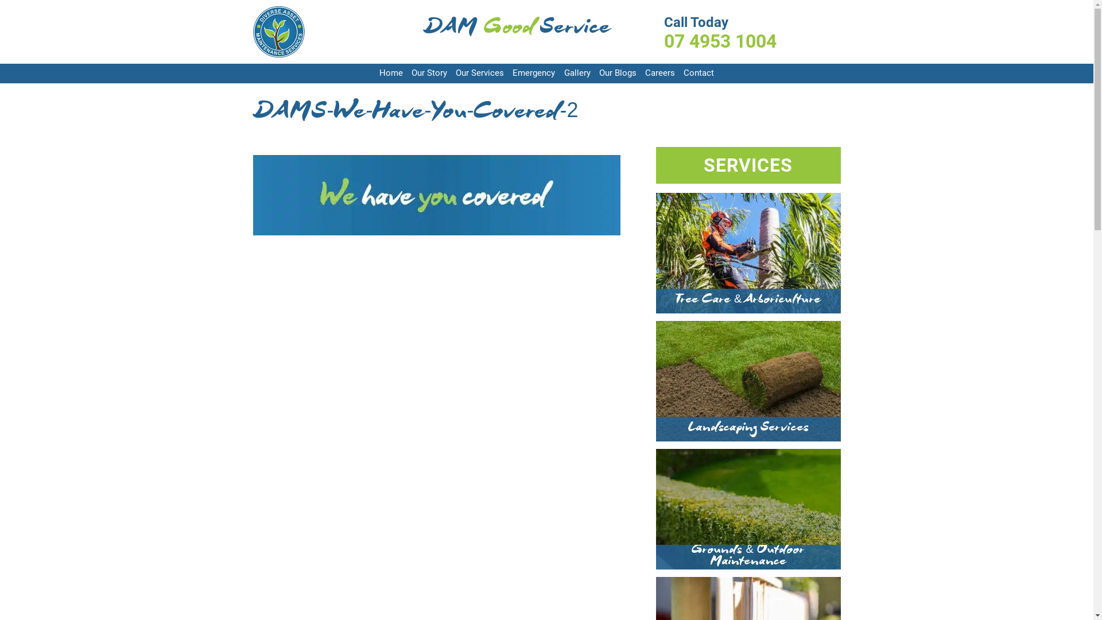 The width and height of the screenshot is (1102, 620). Describe the element at coordinates (752, 41) in the screenshot. I see `'07 4953 1004'` at that location.